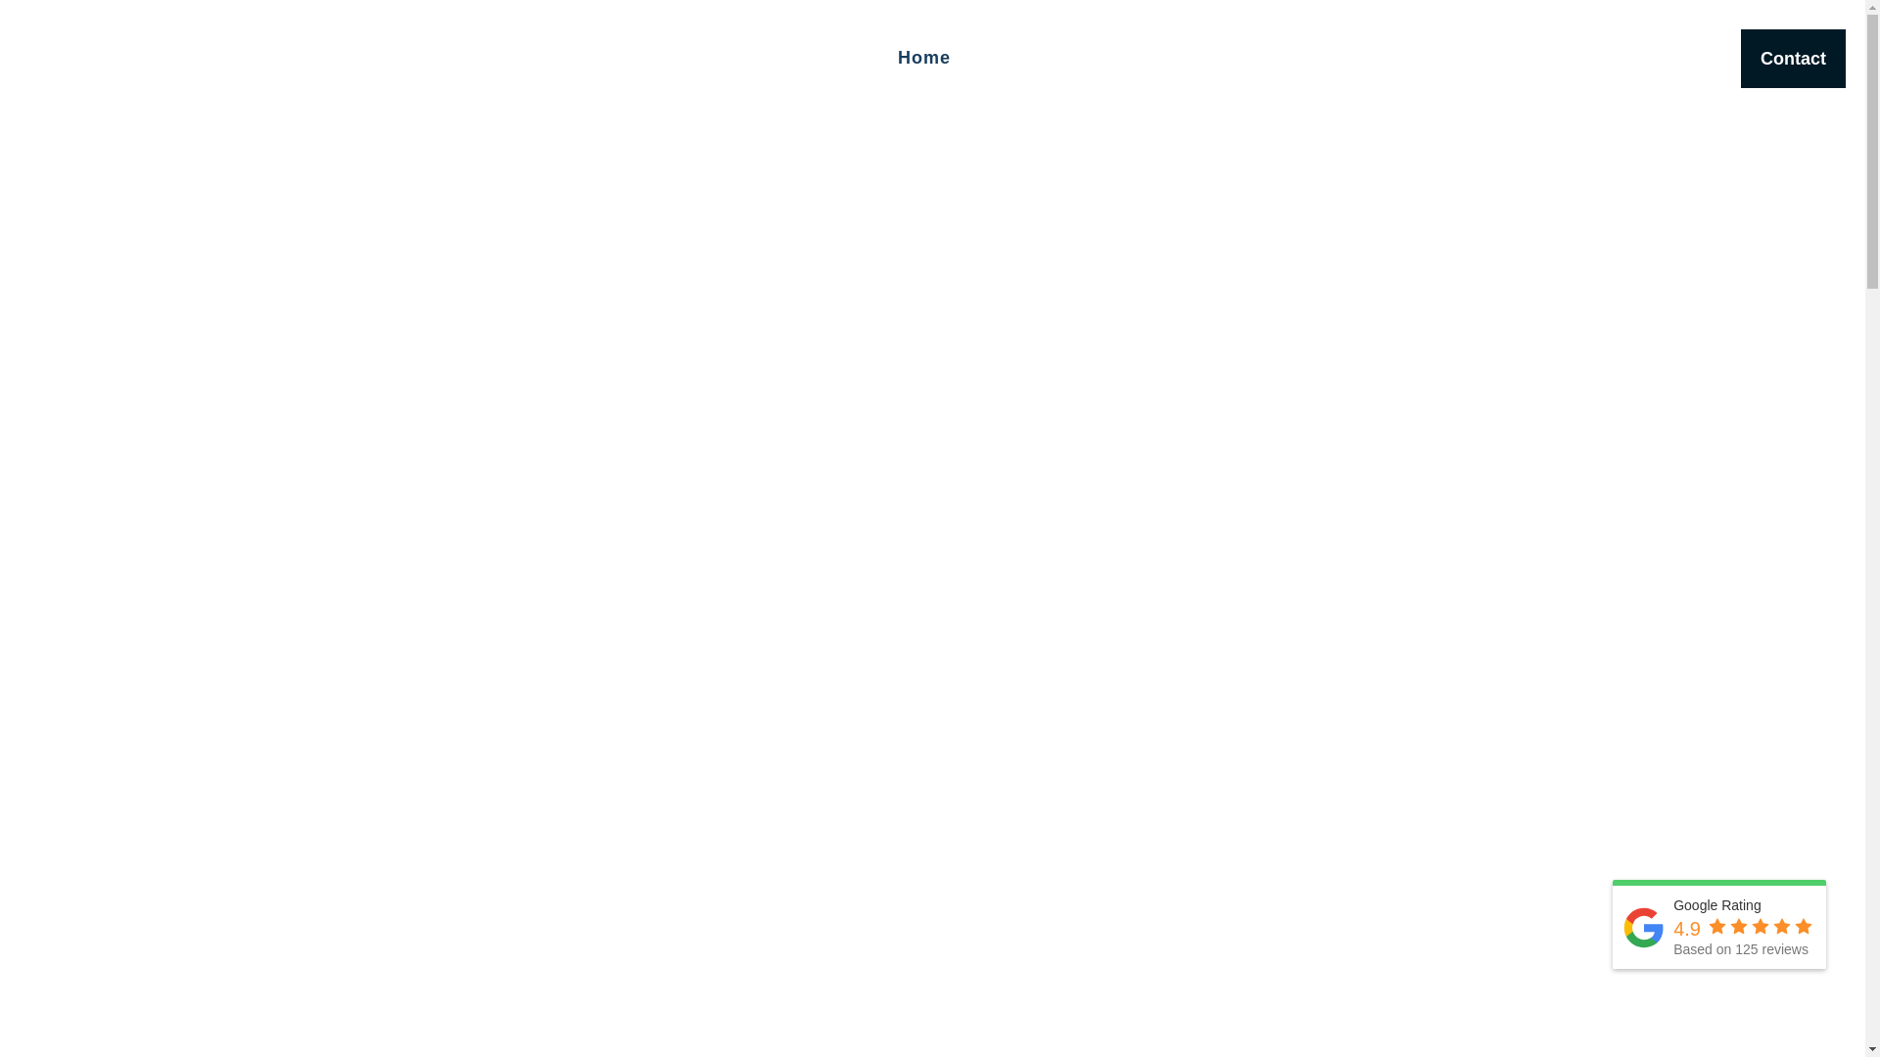 Image resolution: width=1880 pixels, height=1057 pixels. I want to click on 'Contact', so click(1793, 58).